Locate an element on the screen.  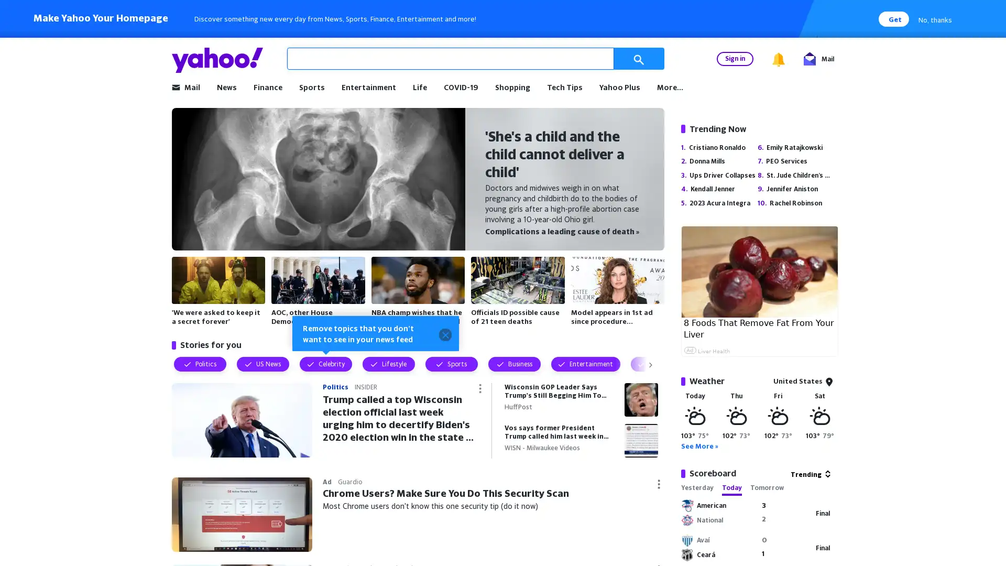
Today is located at coordinates (731, 489).